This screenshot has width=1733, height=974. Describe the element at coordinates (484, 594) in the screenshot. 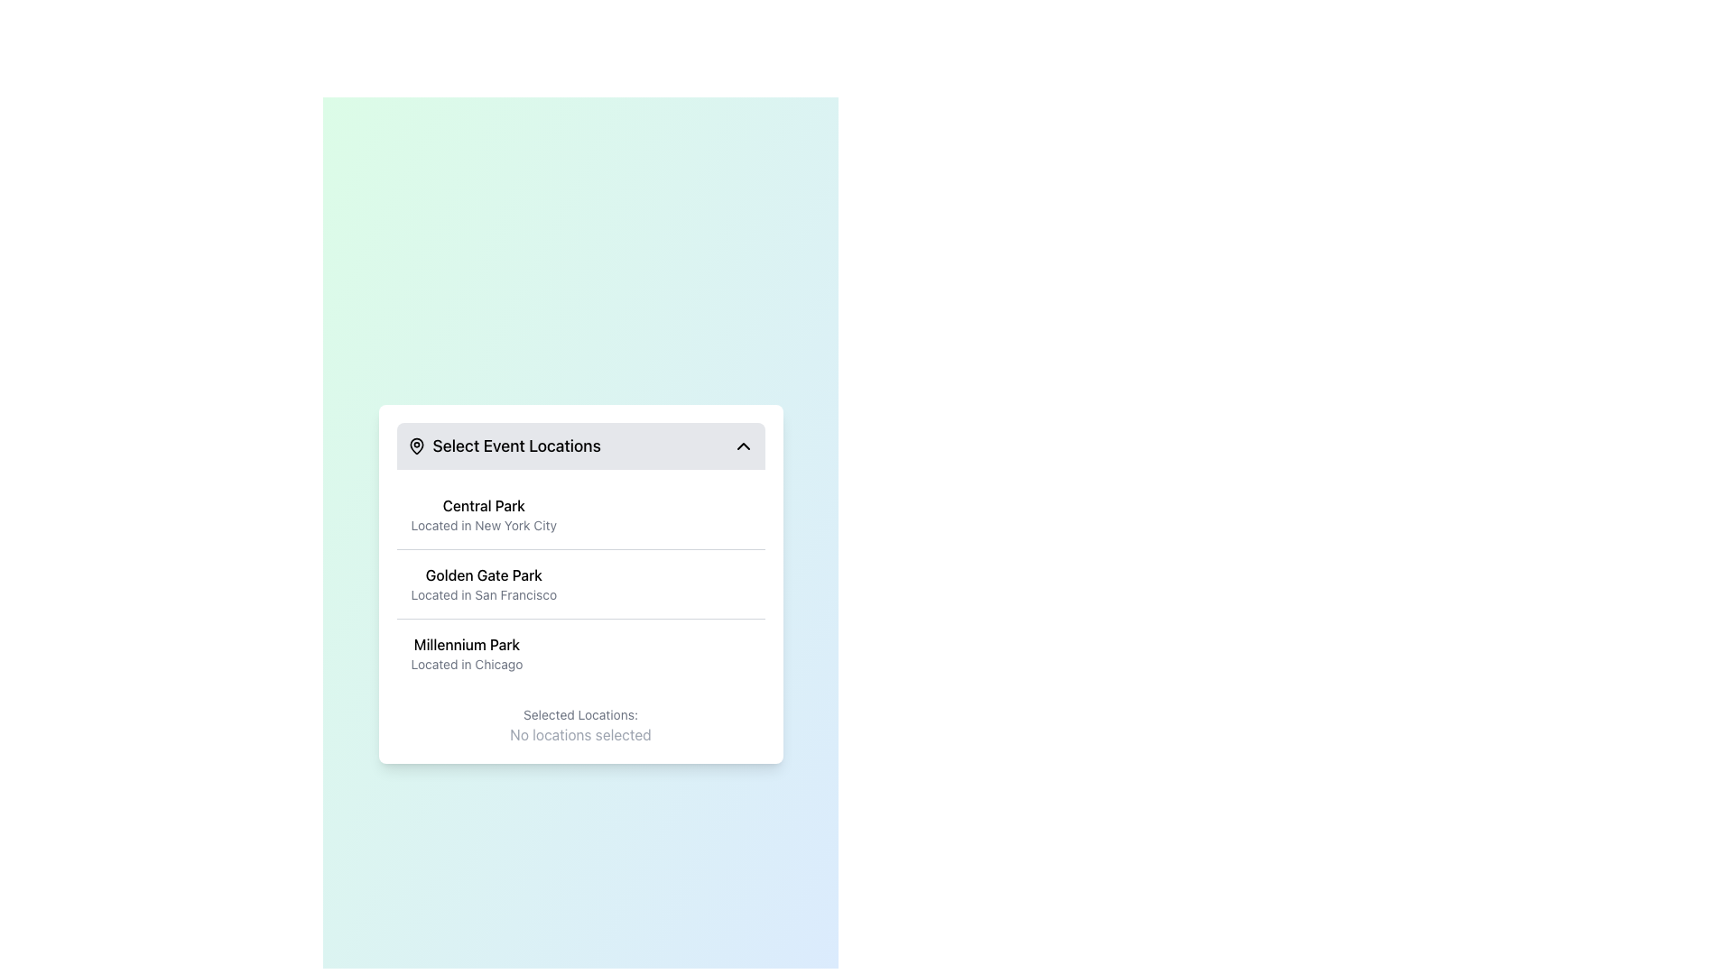

I see `the informative label that describes the location 'Golden Gate Park' in San Francisco, which is positioned directly below the text 'Golden Gate Park'` at that location.